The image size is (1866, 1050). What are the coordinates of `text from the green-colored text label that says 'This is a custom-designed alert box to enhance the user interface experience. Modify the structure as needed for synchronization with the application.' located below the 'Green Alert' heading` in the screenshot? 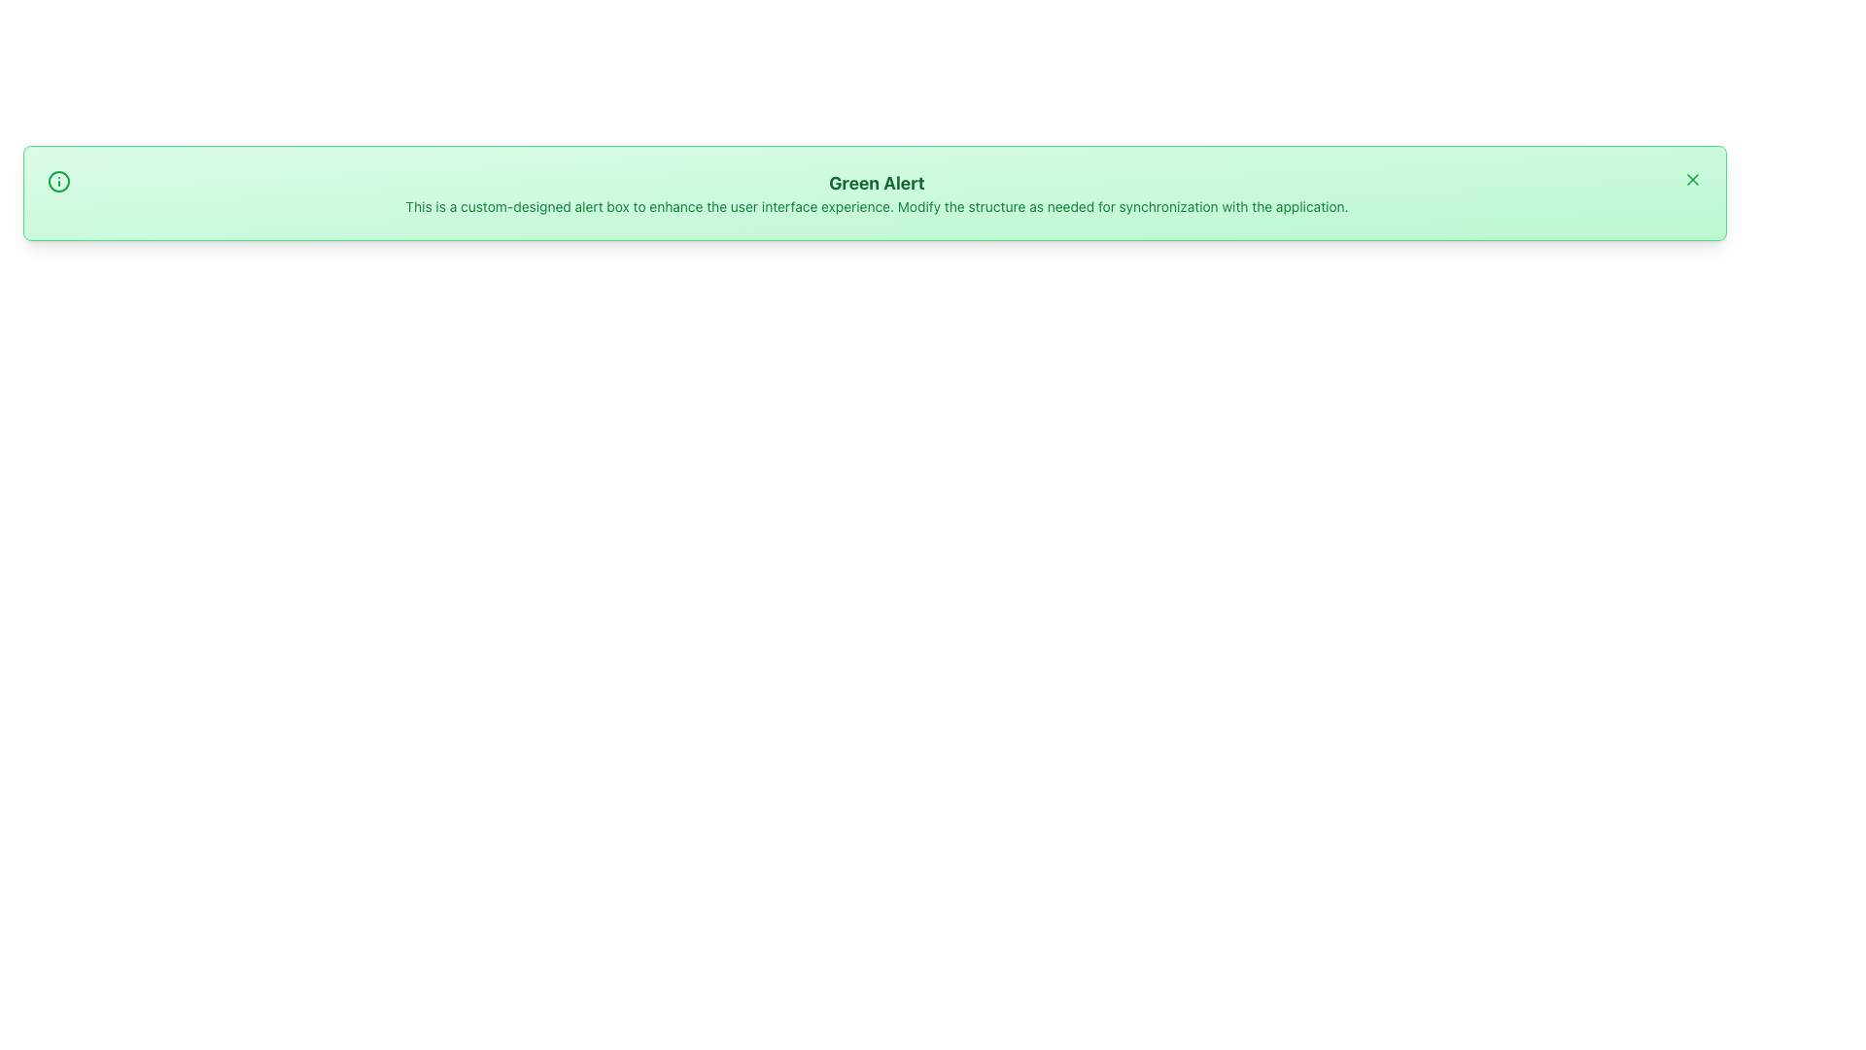 It's located at (876, 206).